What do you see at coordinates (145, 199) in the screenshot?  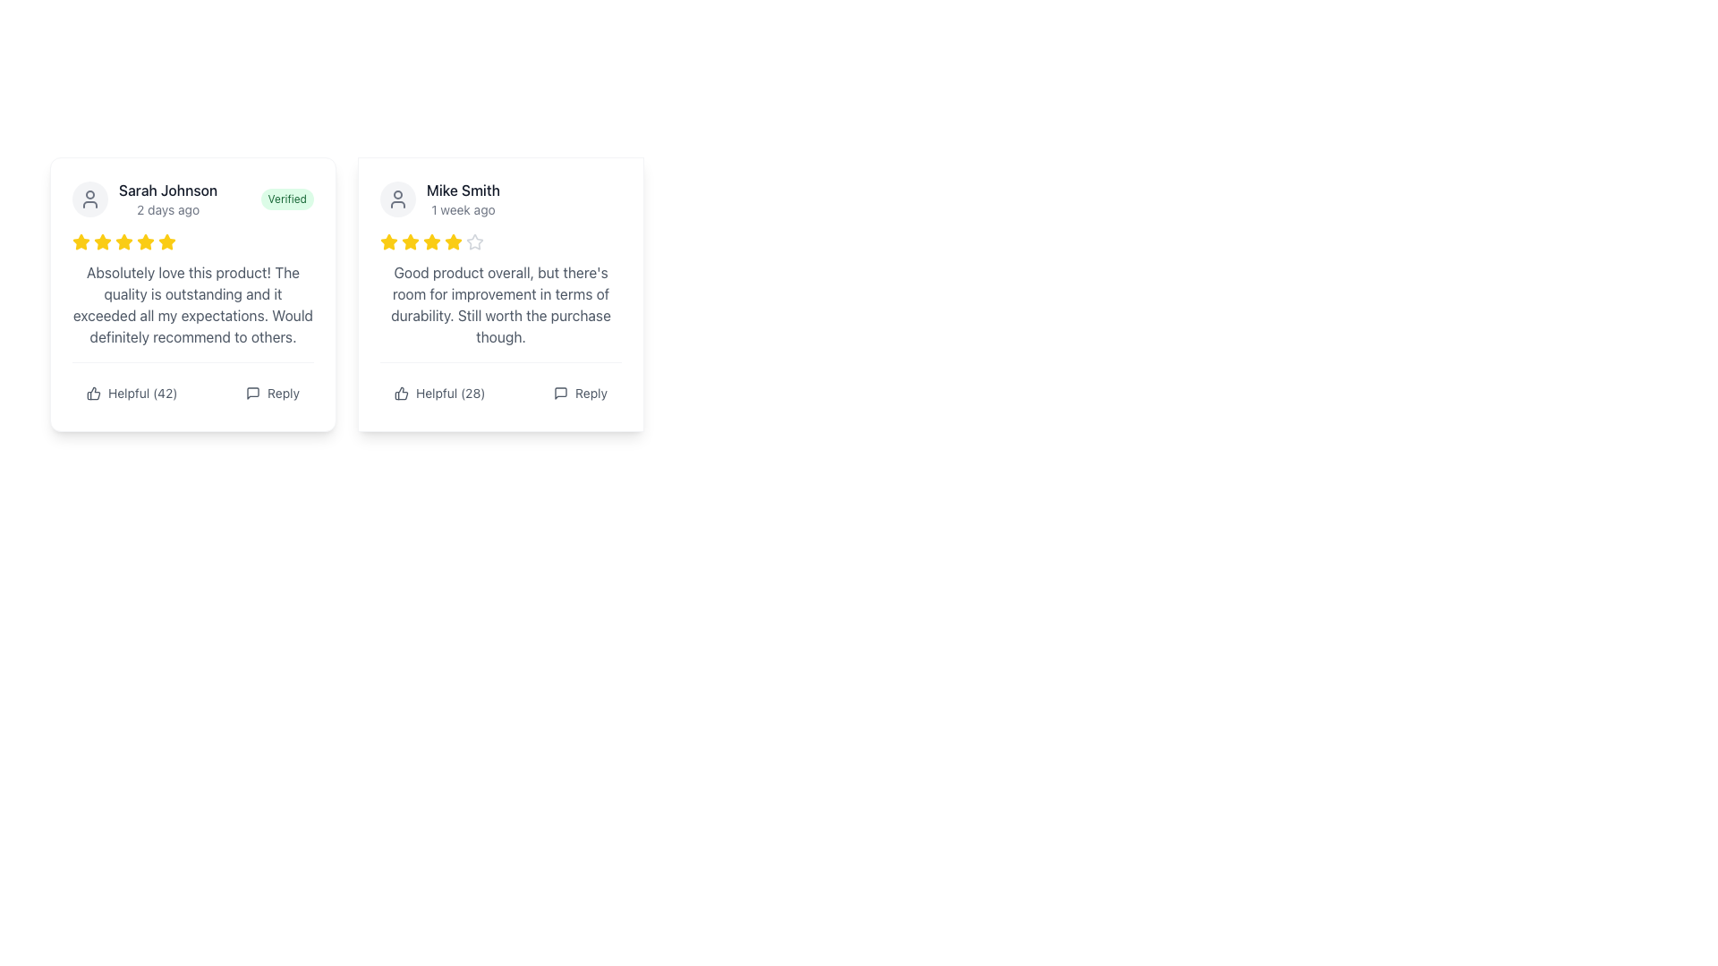 I see `the User data display section containing the profile image and the text 'Sarah Johnson' and '2 days ago'` at bounding box center [145, 199].